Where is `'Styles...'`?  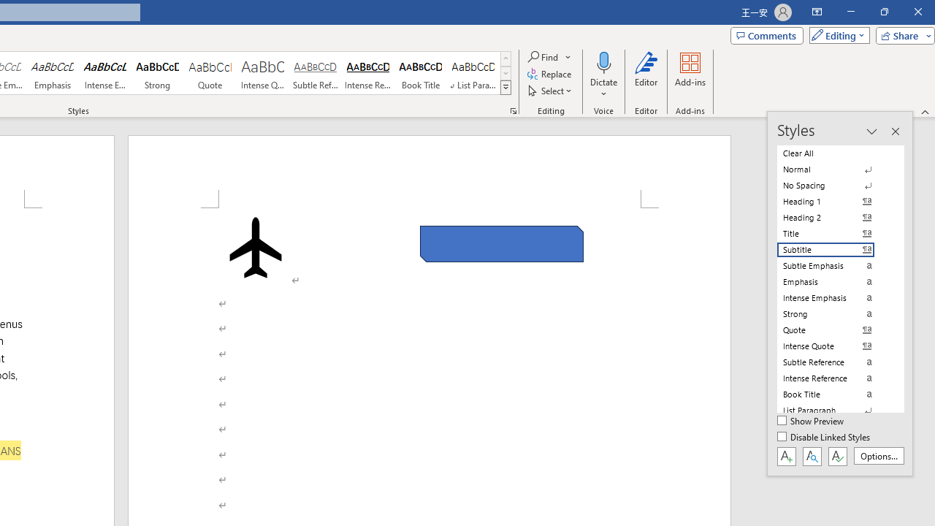
'Styles...' is located at coordinates (513, 110).